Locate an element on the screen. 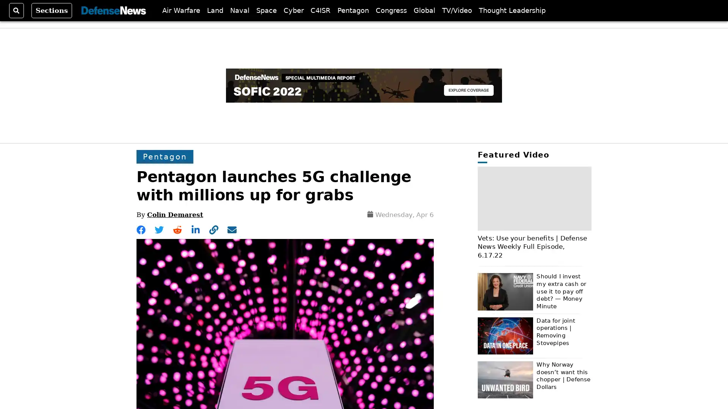  reddit is located at coordinates (177, 229).